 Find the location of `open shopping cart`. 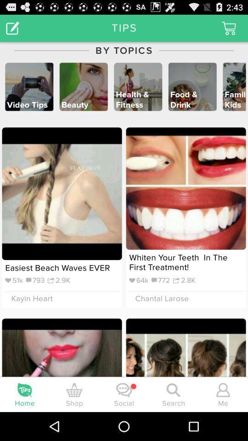

open shopping cart is located at coordinates (228, 28).